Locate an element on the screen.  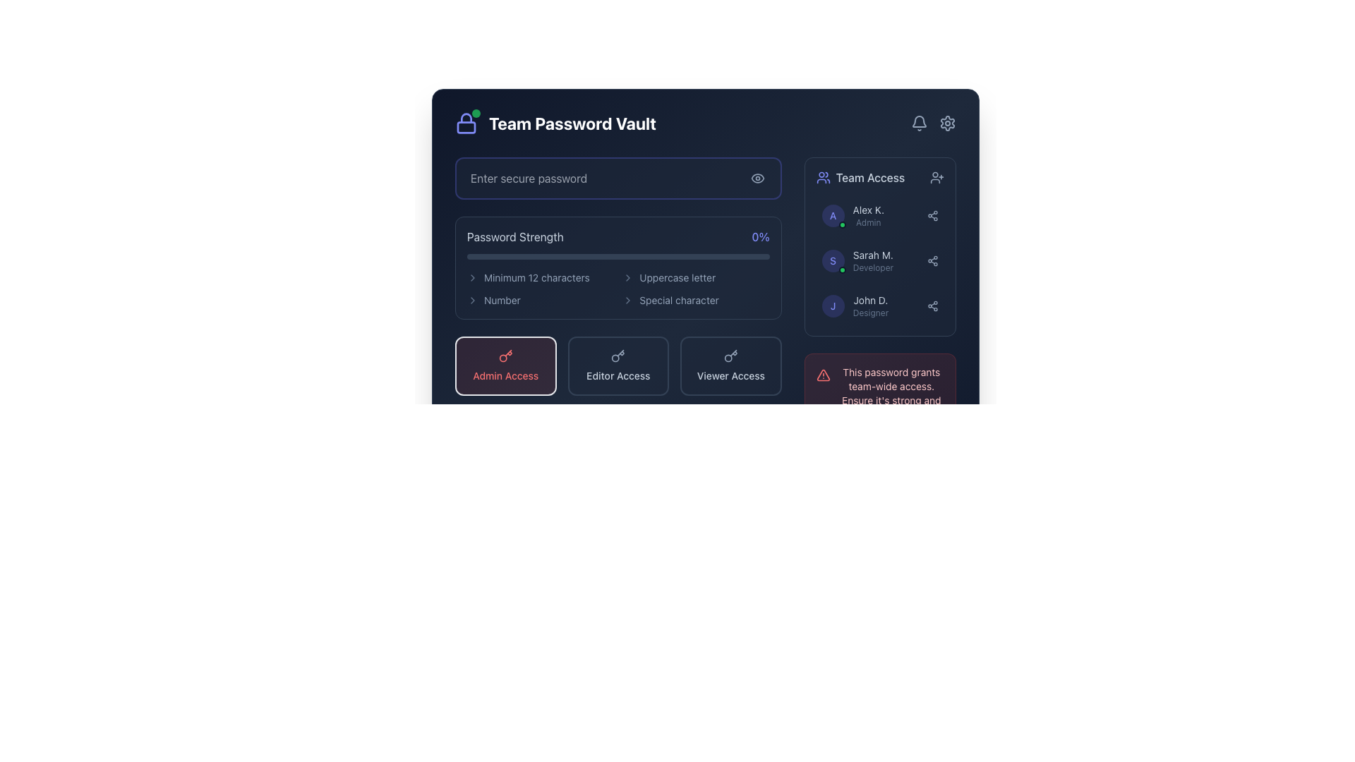
the rightward-pointing chevron icon located at the leftmost position of the group containing the text 'Uppercase letter' is located at coordinates (627, 277).